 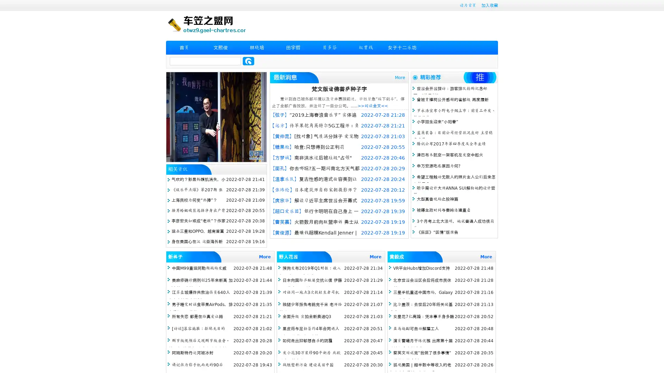 What do you see at coordinates (248, 61) in the screenshot?
I see `Search` at bounding box center [248, 61].